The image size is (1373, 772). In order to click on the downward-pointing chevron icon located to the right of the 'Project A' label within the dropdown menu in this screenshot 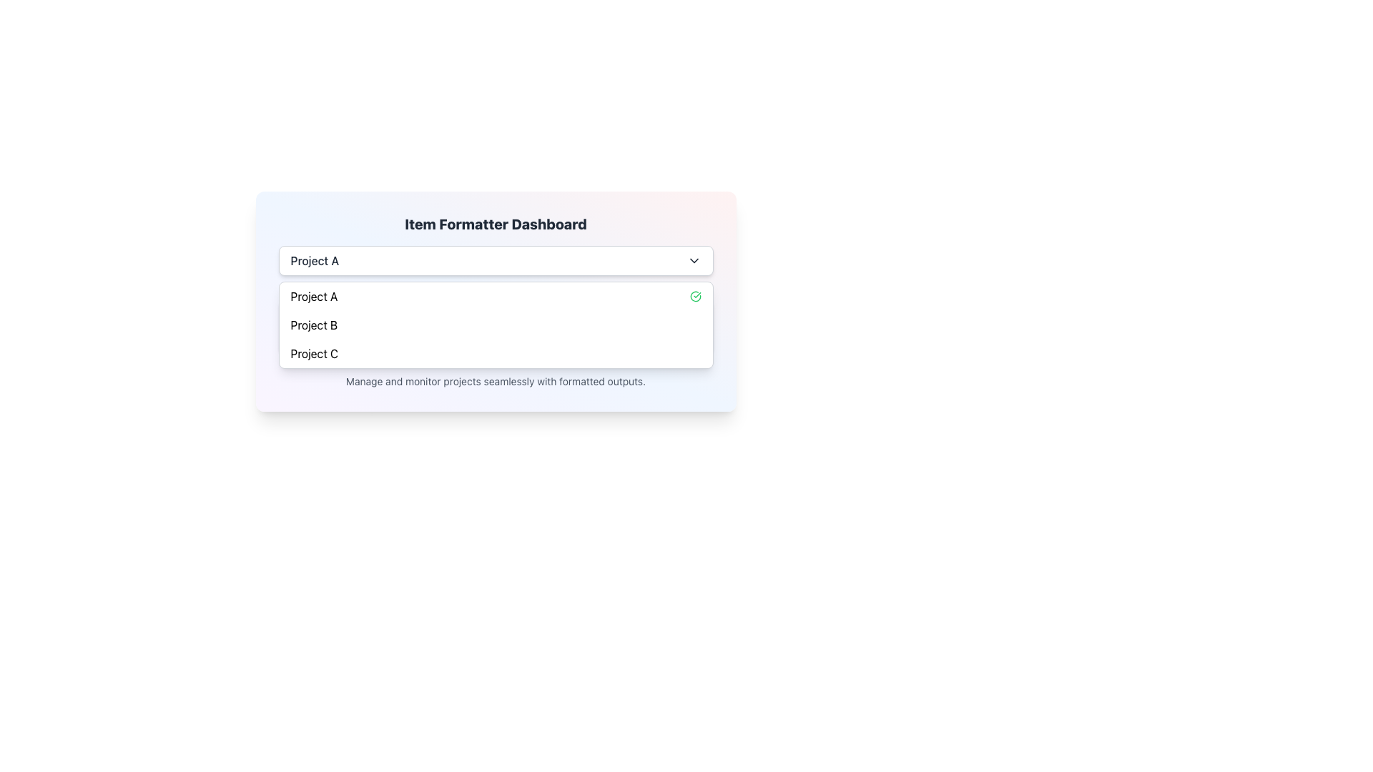, I will do `click(694, 261)`.